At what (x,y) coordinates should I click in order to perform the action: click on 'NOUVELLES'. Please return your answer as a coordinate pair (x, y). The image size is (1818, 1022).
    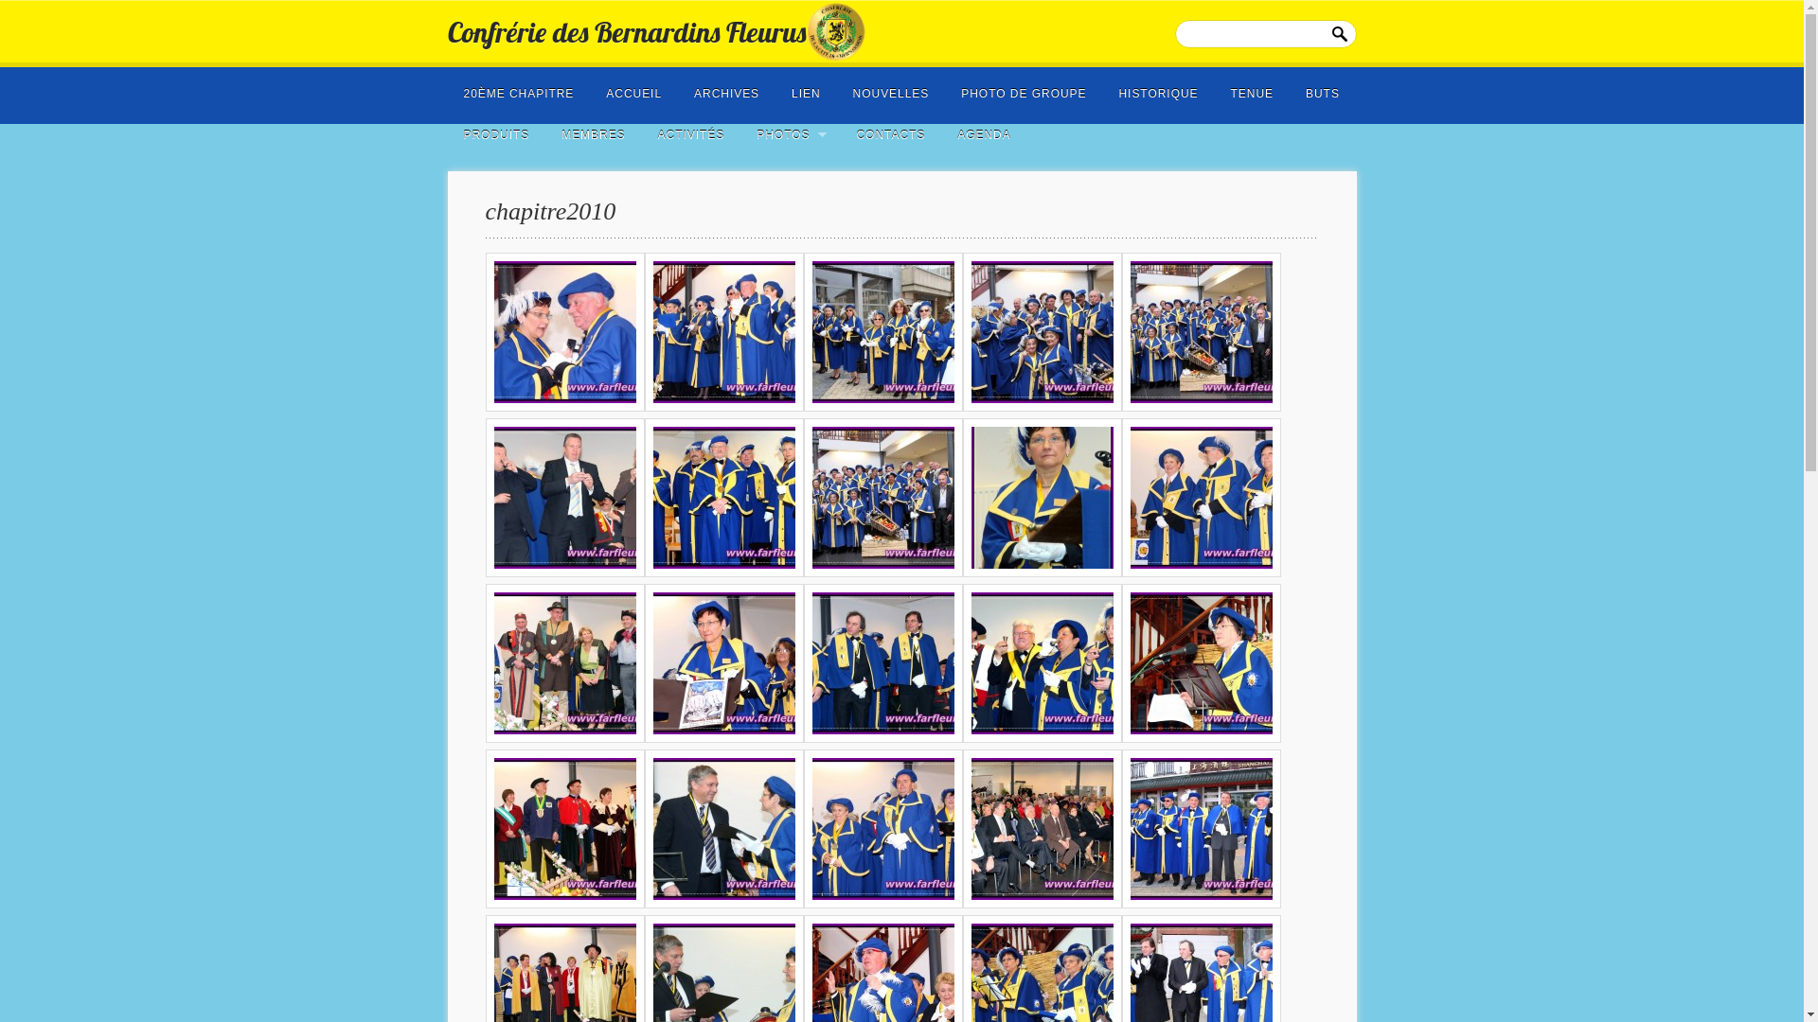
    Looking at the image, I should click on (840, 87).